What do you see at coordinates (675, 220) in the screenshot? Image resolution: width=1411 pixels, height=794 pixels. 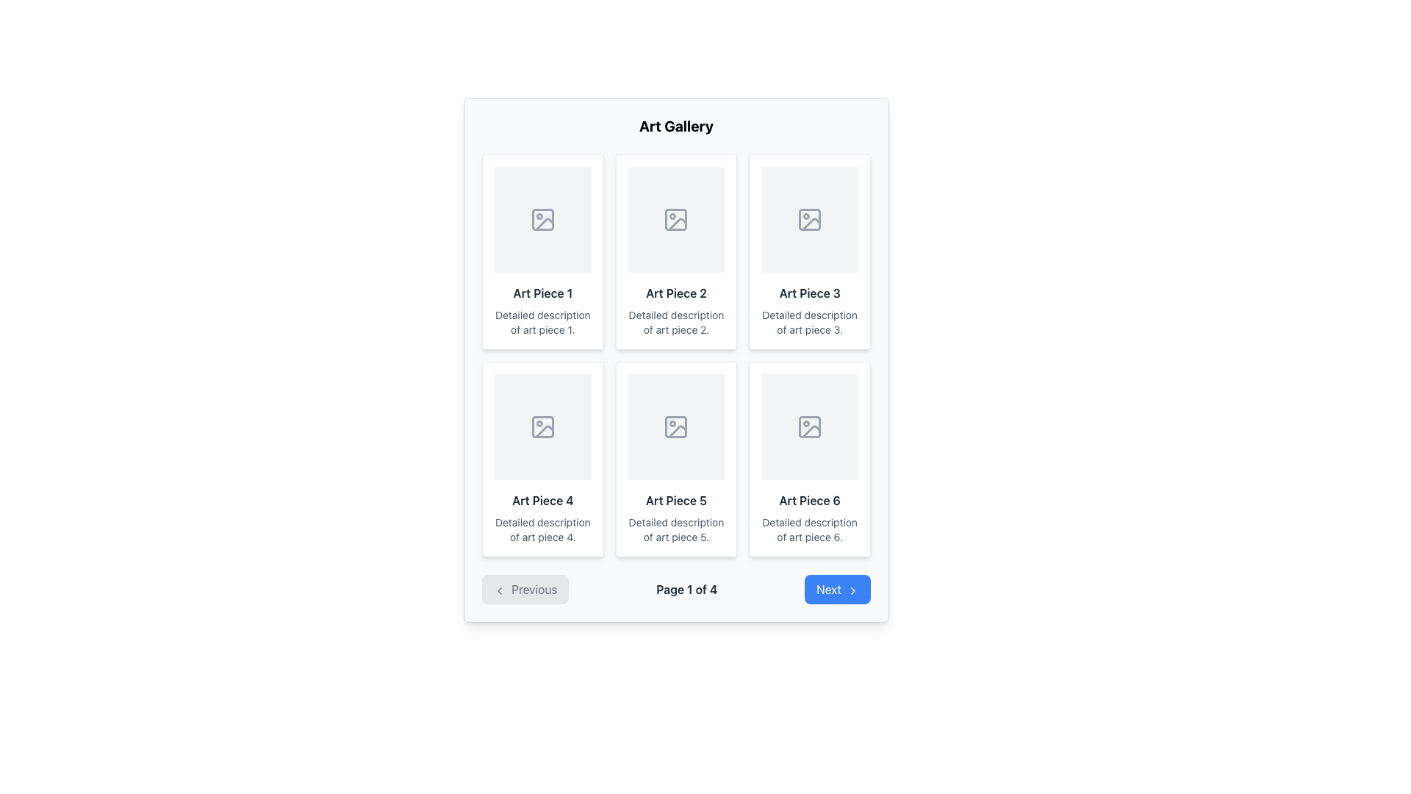 I see `the Icon in the 'Art Gallery' grid layout that represents 'Art Piece 2', indicating the presence of an image` at bounding box center [675, 220].